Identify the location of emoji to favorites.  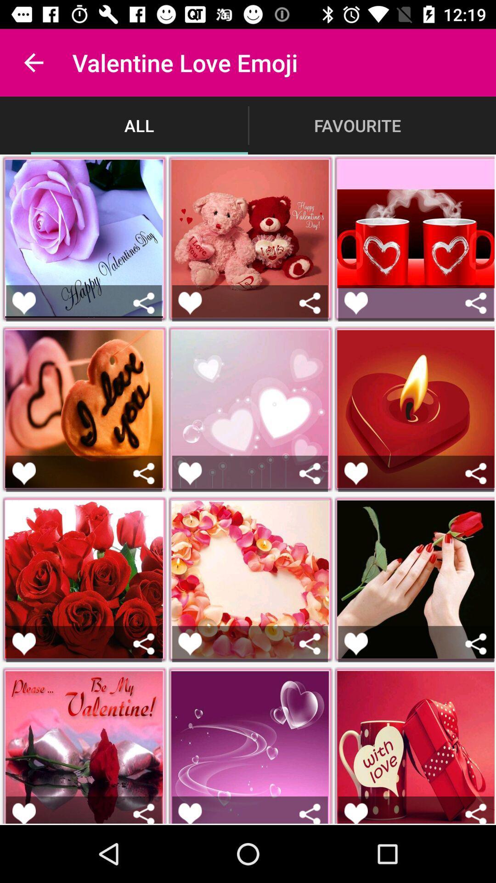
(355, 643).